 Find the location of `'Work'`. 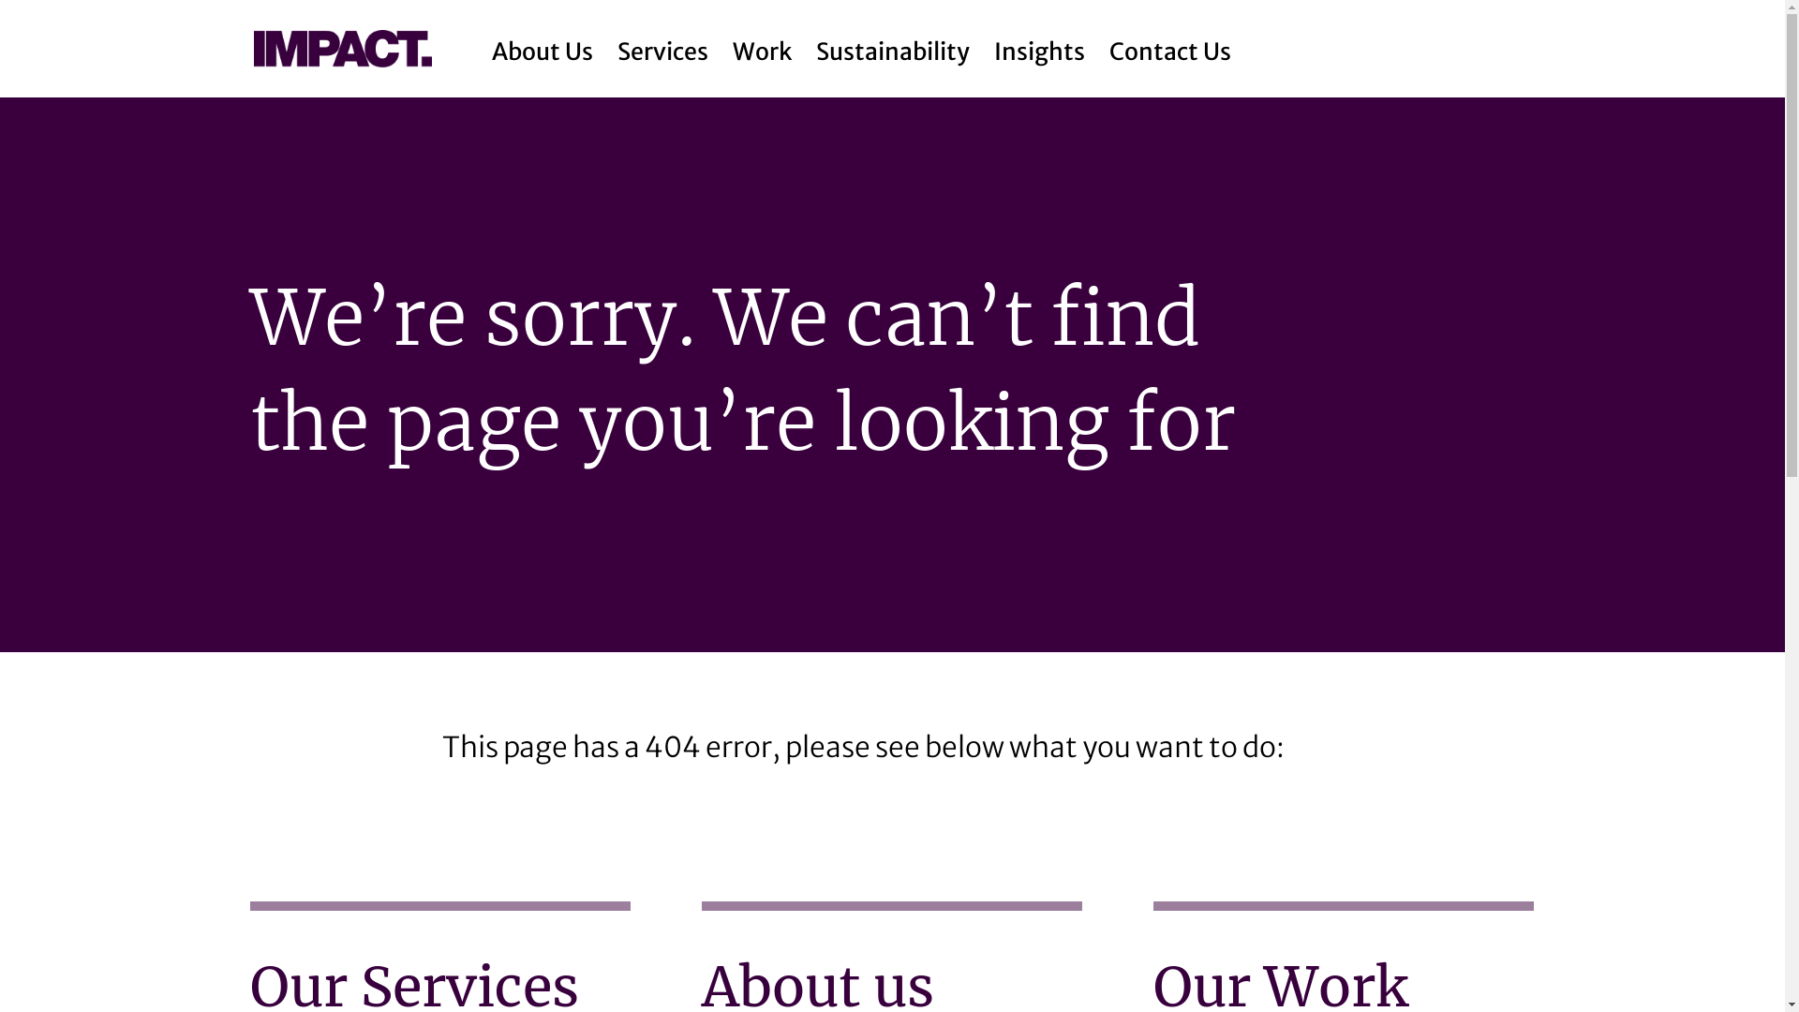

'Work' is located at coordinates (762, 42).